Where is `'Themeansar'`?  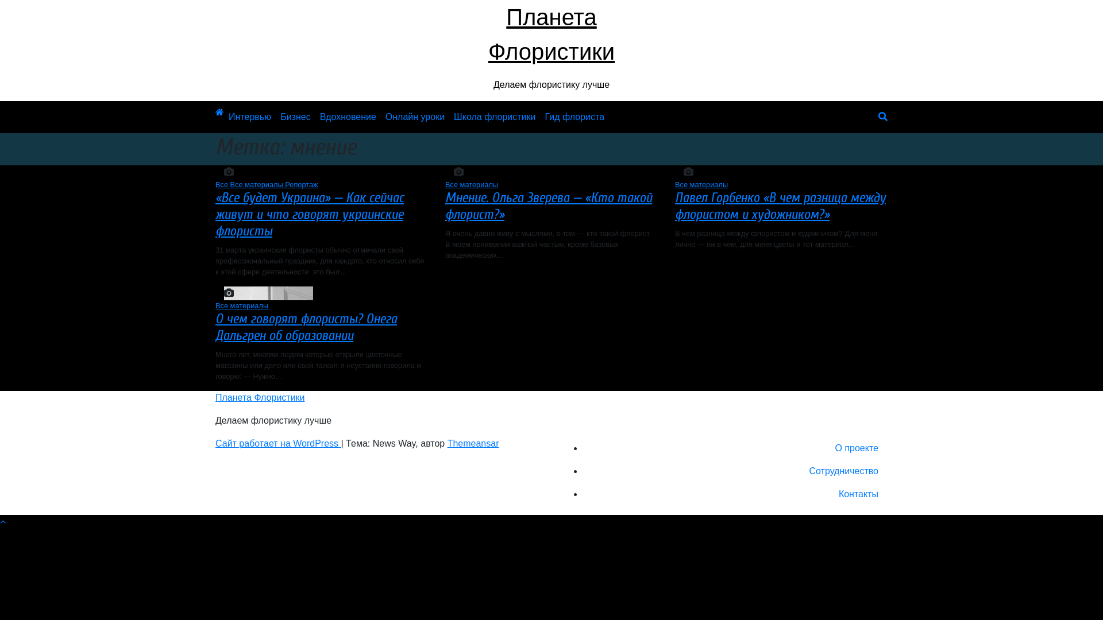
'Themeansar' is located at coordinates (473, 443).